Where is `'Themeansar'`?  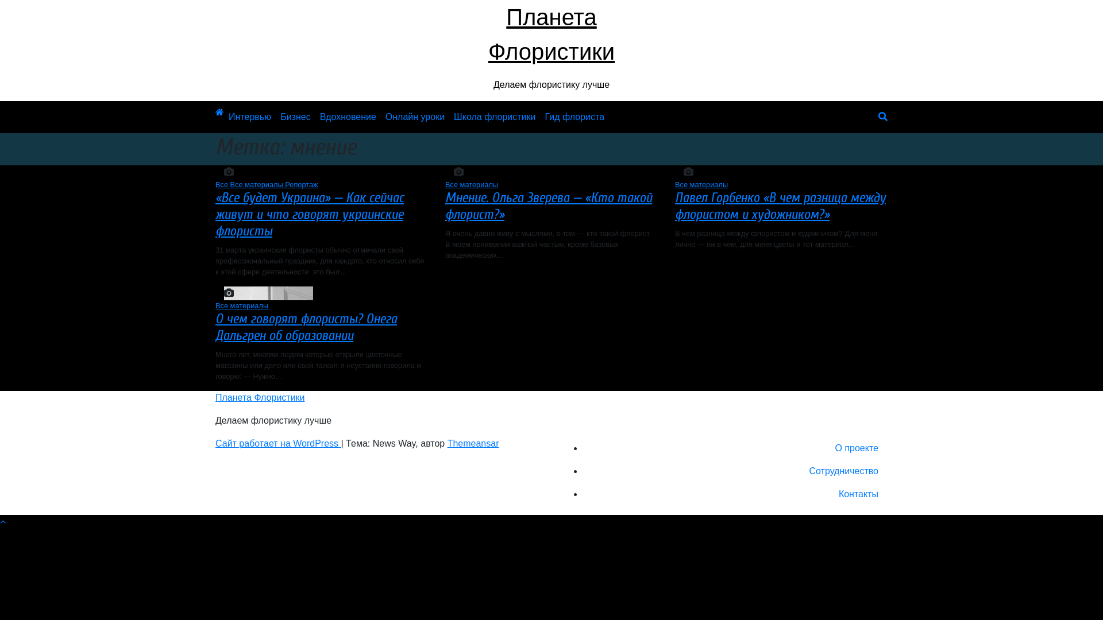
'Themeansar' is located at coordinates (473, 443).